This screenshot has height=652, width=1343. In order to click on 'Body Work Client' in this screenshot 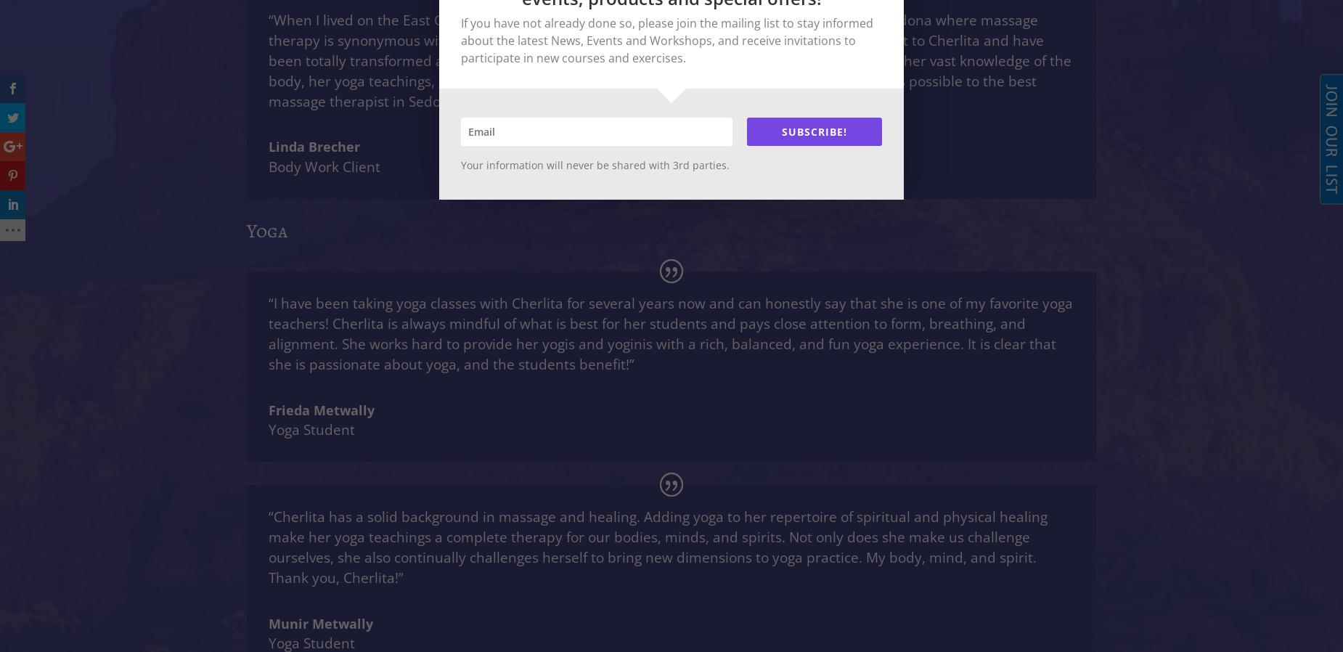, I will do `click(323, 166)`.